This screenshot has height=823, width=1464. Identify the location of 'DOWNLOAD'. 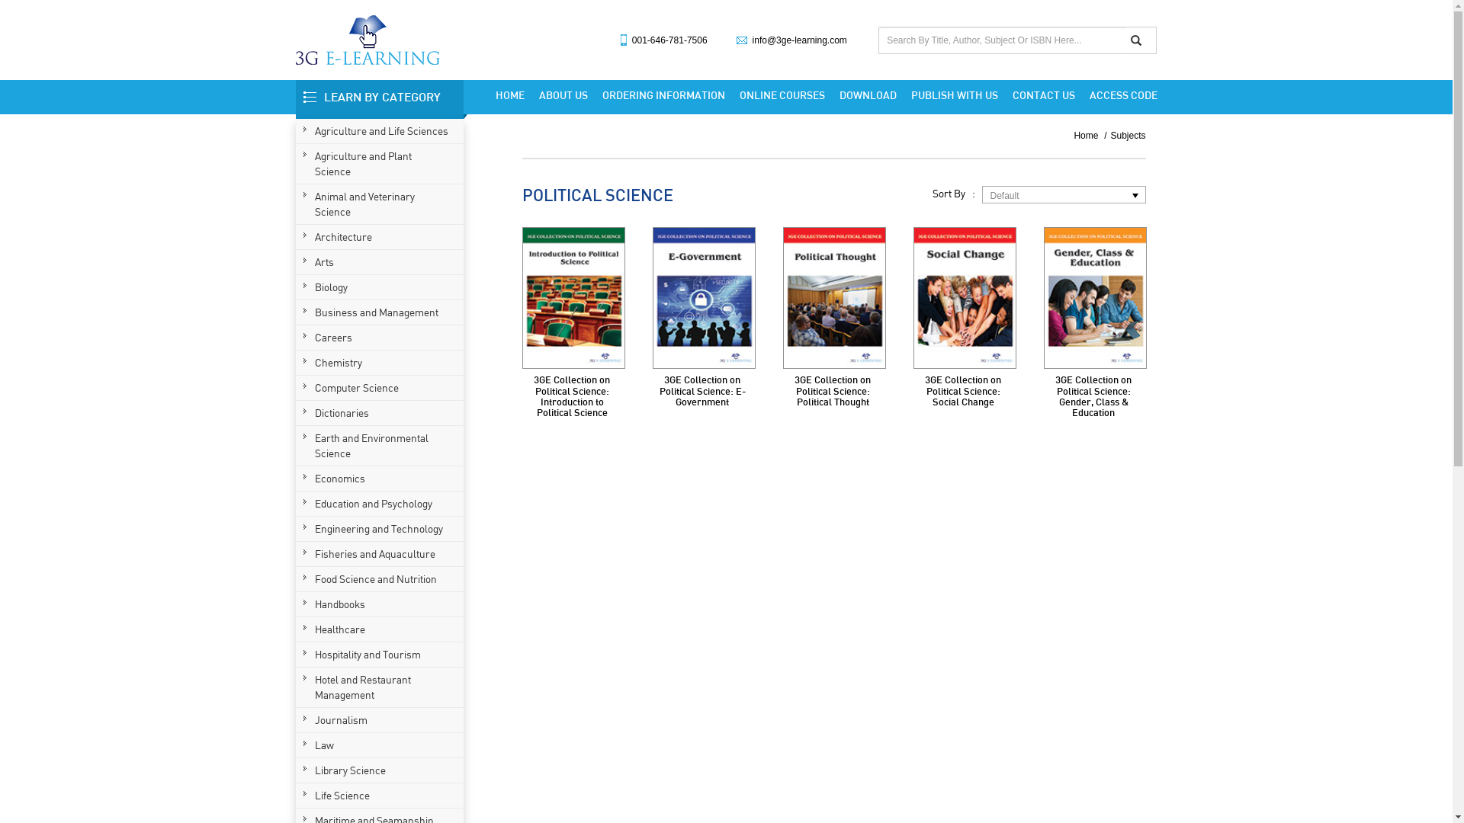
(867, 94).